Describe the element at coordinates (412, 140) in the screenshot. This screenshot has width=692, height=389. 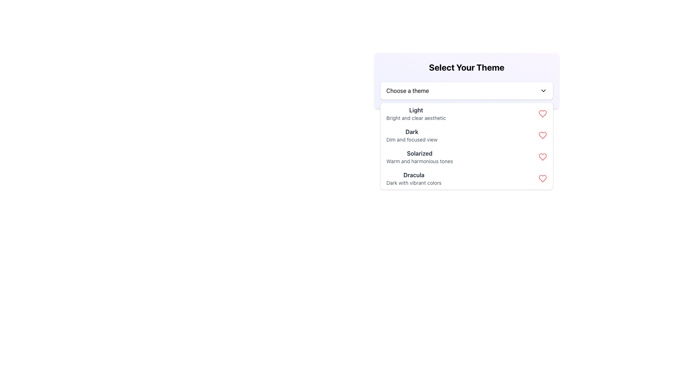
I see `the text label that describes the 'Dark' theme option in the dropdown menu, which is positioned below the 'Dark' text` at that location.